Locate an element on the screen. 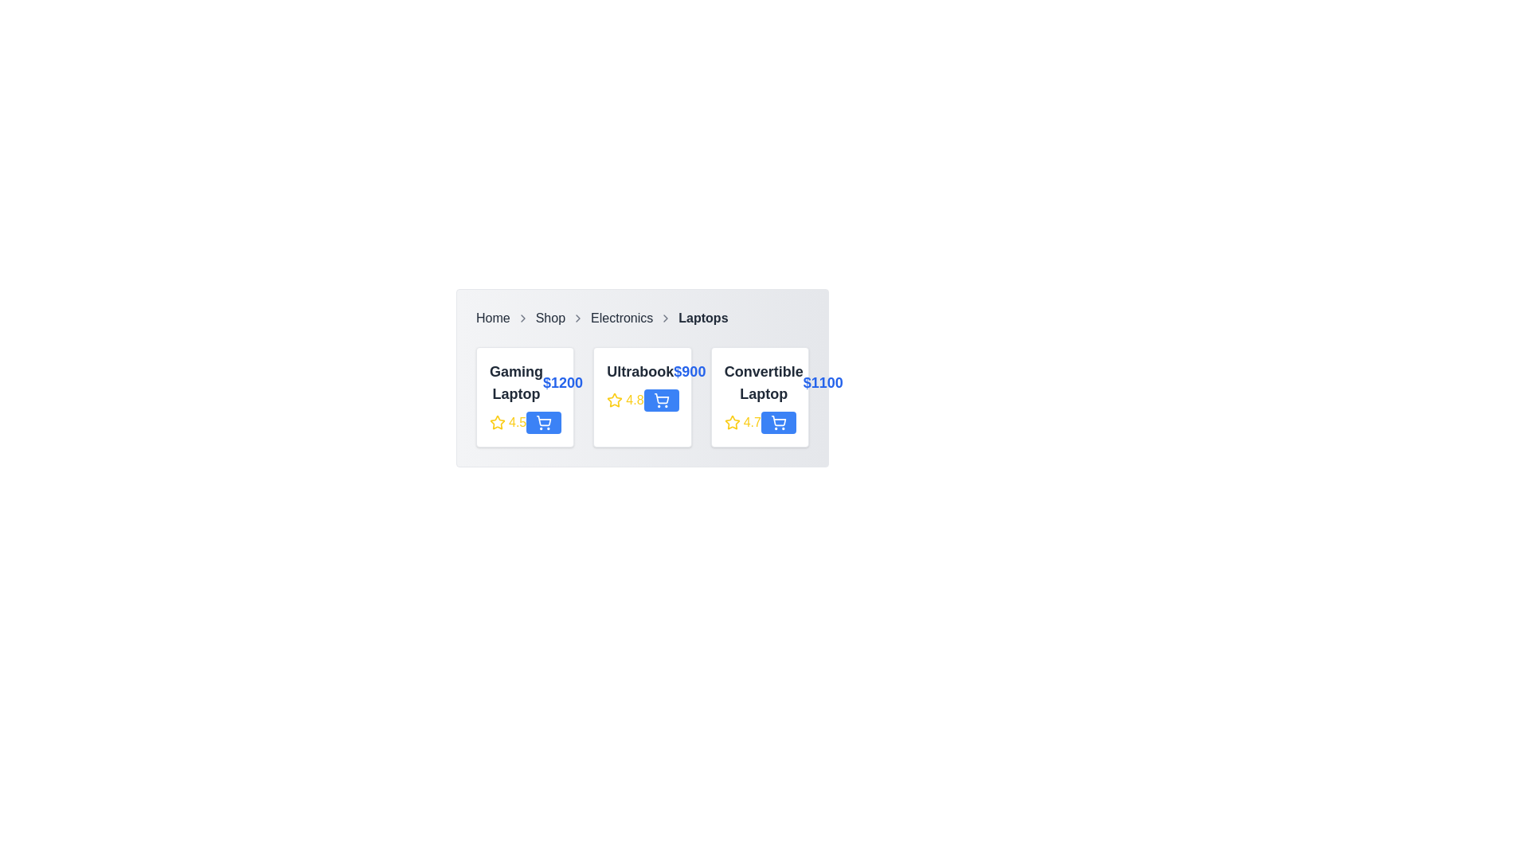 The height and width of the screenshot is (860, 1529). the shopping cart icon button located within the product card of the 'Ultrabook' laptop is located at coordinates (661, 399).